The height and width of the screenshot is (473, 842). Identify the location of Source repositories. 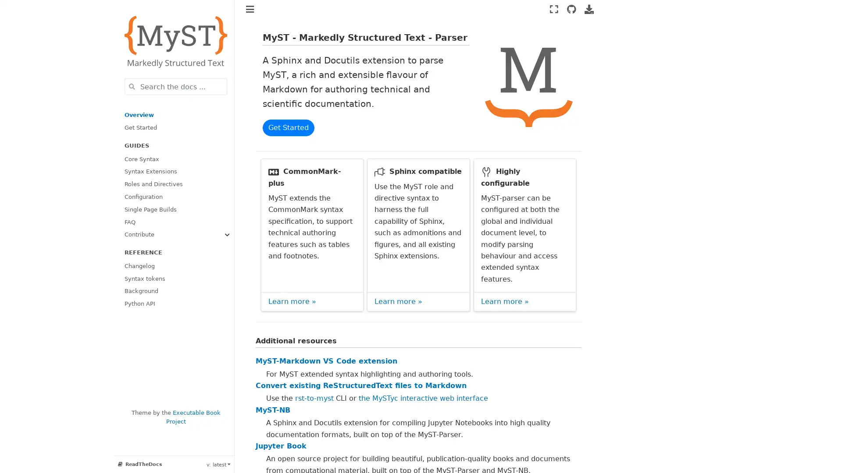
(571, 9).